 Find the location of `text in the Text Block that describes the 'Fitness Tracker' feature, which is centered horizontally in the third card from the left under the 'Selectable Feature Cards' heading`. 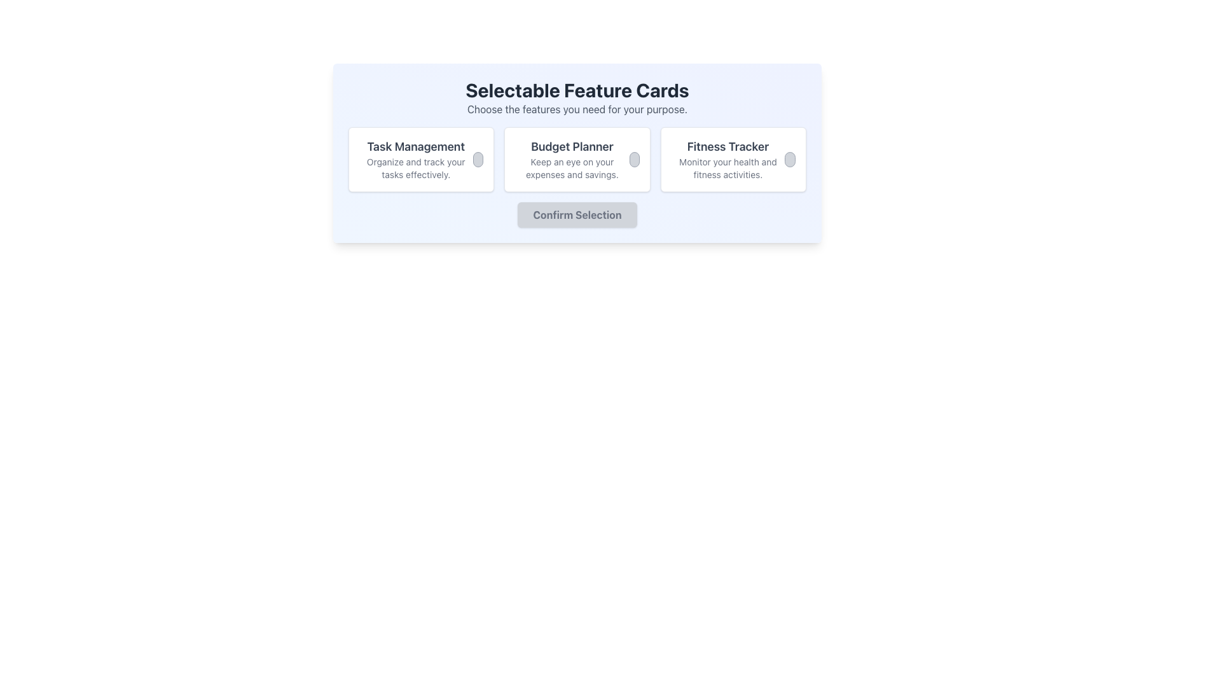

text in the Text Block that describes the 'Fitness Tracker' feature, which is centered horizontally in the third card from the left under the 'Selectable Feature Cards' heading is located at coordinates (728, 158).